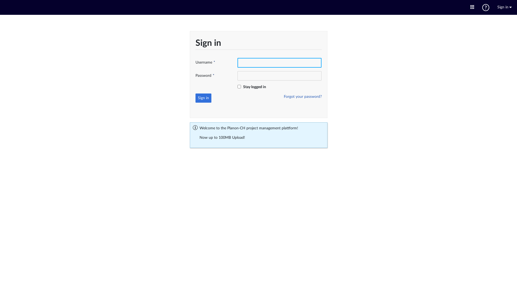  Describe the element at coordinates (284, 96) in the screenshot. I see `'Forgot your password?'` at that location.